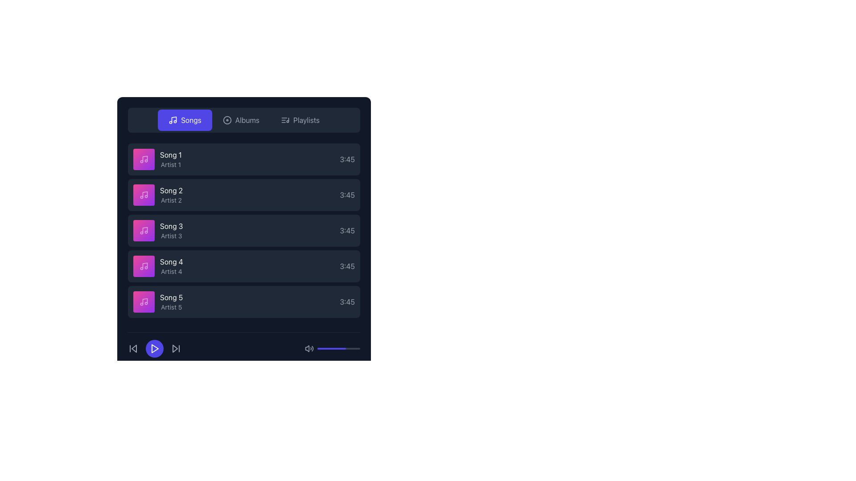 This screenshot has width=856, height=481. What do you see at coordinates (144, 159) in the screenshot?
I see `the square icon with a gradient background and a white musical note symbol, positioned to the left of 'Song 1' and 'Artist 1'` at bounding box center [144, 159].